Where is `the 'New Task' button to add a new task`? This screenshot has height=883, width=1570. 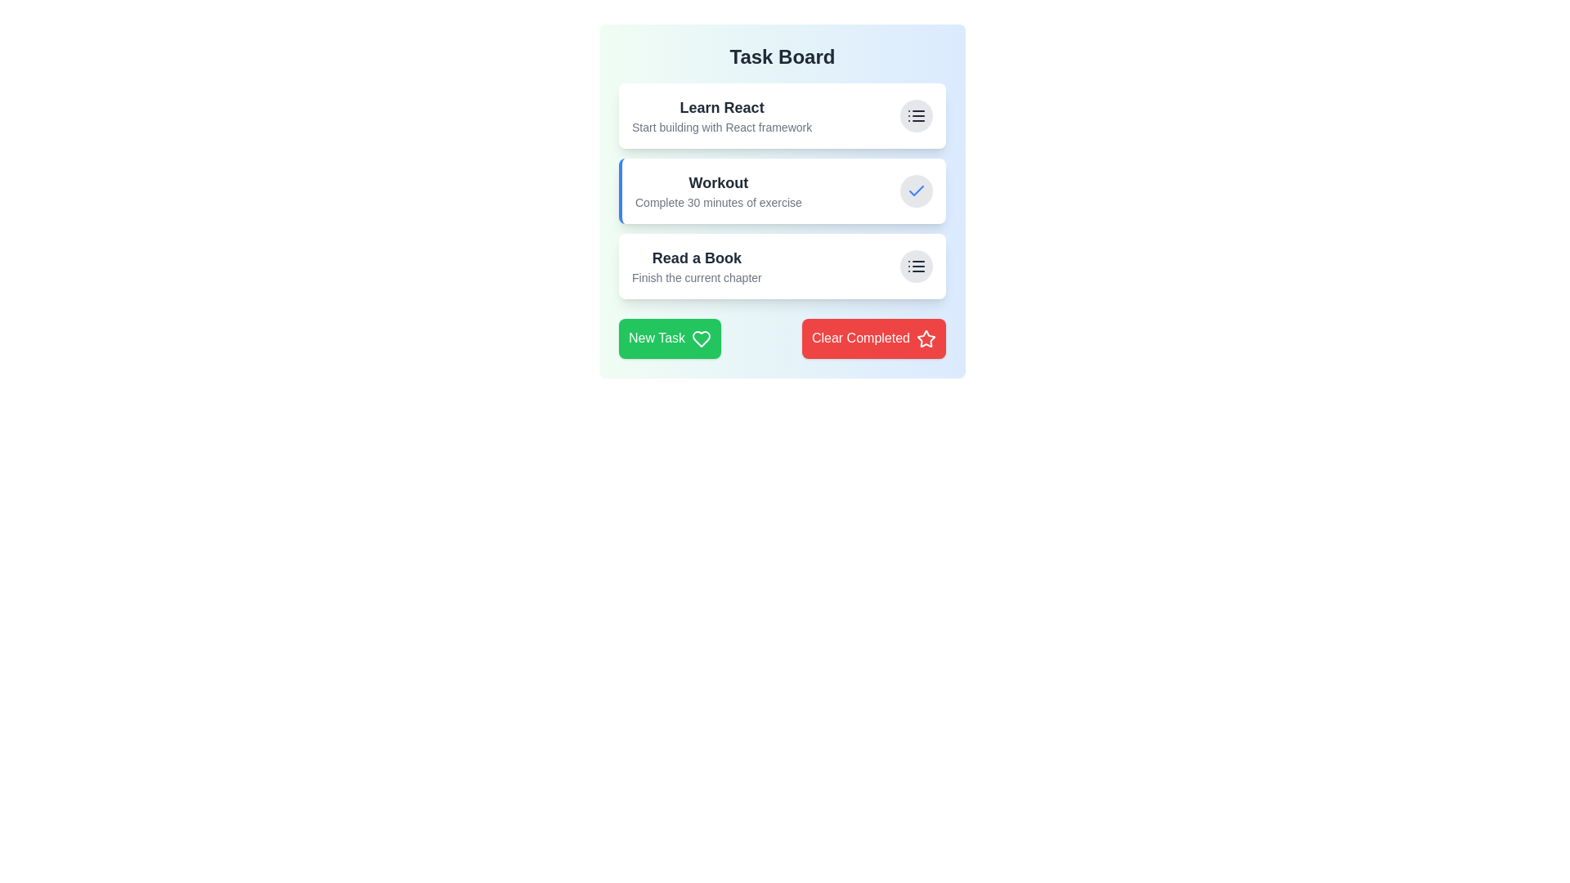 the 'New Task' button to add a new task is located at coordinates (670, 338).